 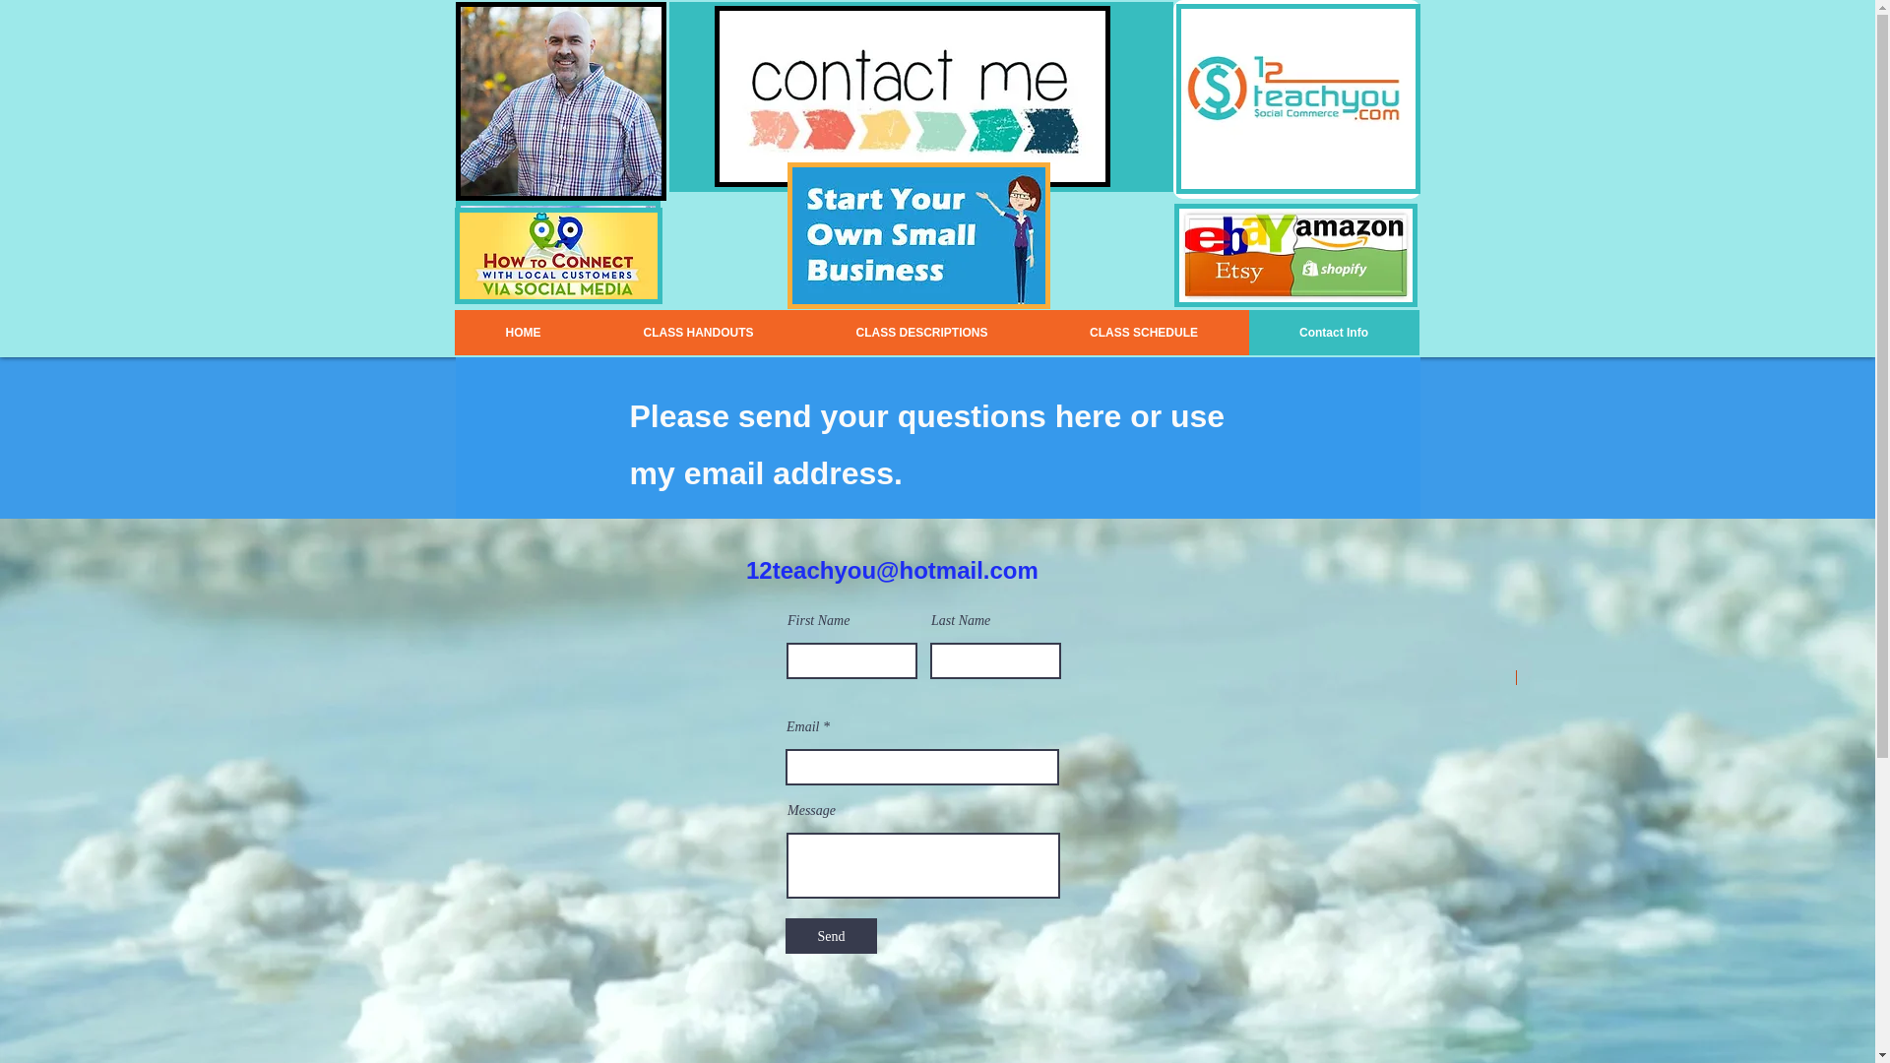 I want to click on 'images (10).jpg', so click(x=917, y=234).